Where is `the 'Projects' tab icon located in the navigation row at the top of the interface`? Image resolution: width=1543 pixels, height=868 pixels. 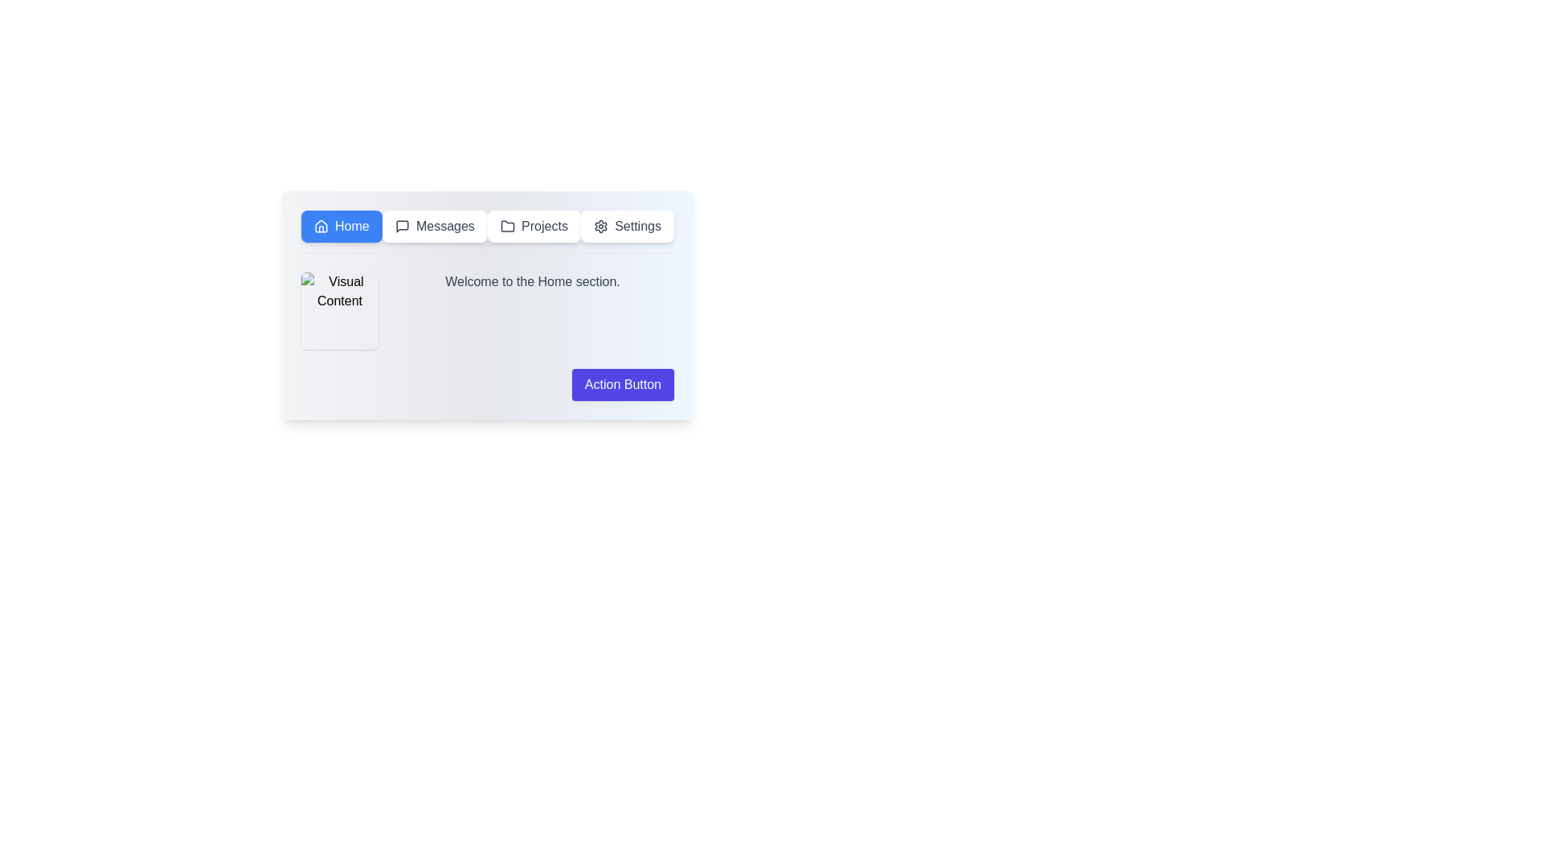
the 'Projects' tab icon located in the navigation row at the top of the interface is located at coordinates (507, 226).